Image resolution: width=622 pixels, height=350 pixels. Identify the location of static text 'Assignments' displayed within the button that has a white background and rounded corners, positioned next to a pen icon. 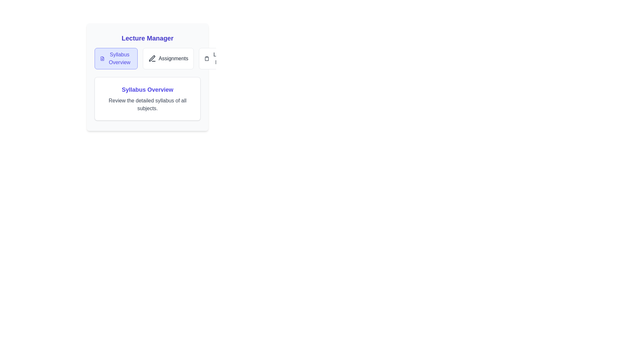
(173, 59).